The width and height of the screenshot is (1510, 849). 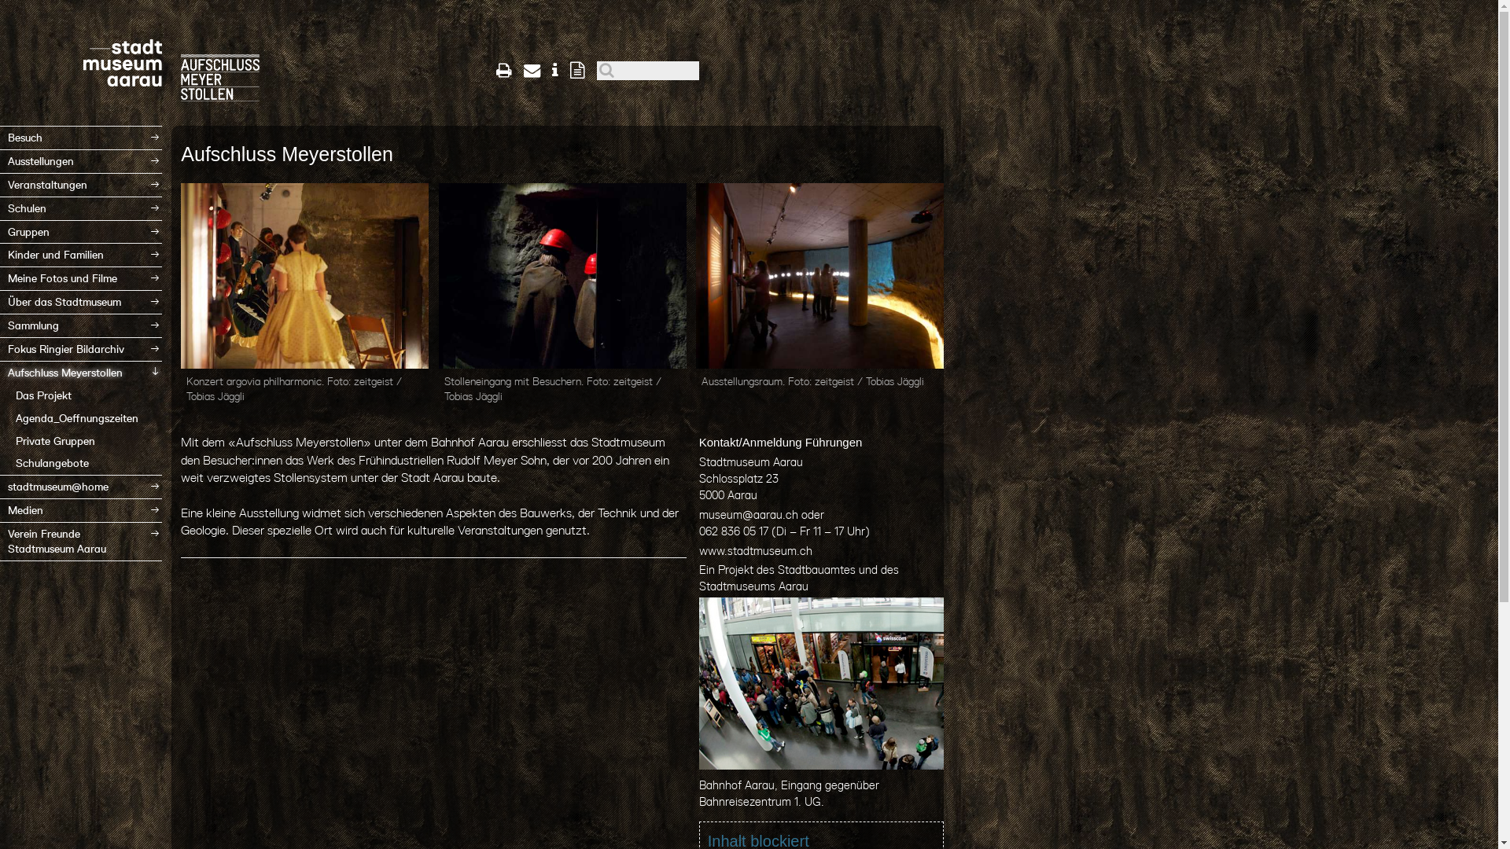 I want to click on 'Verein Freunde Stadtmuseum Aarau', so click(x=0, y=541).